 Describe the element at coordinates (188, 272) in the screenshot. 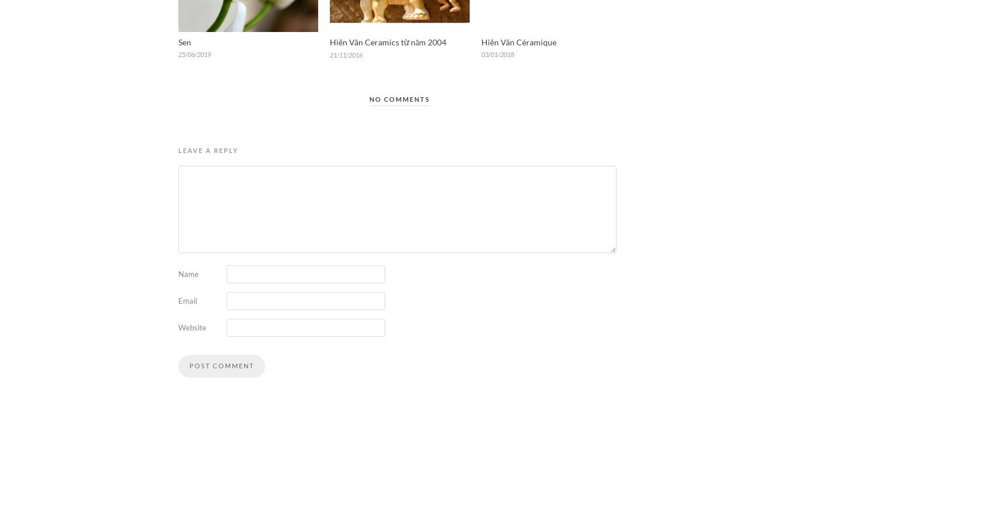

I see `'Name'` at that location.